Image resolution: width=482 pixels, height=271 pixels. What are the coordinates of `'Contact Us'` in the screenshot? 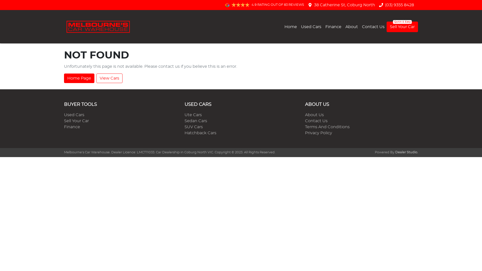 It's located at (316, 121).